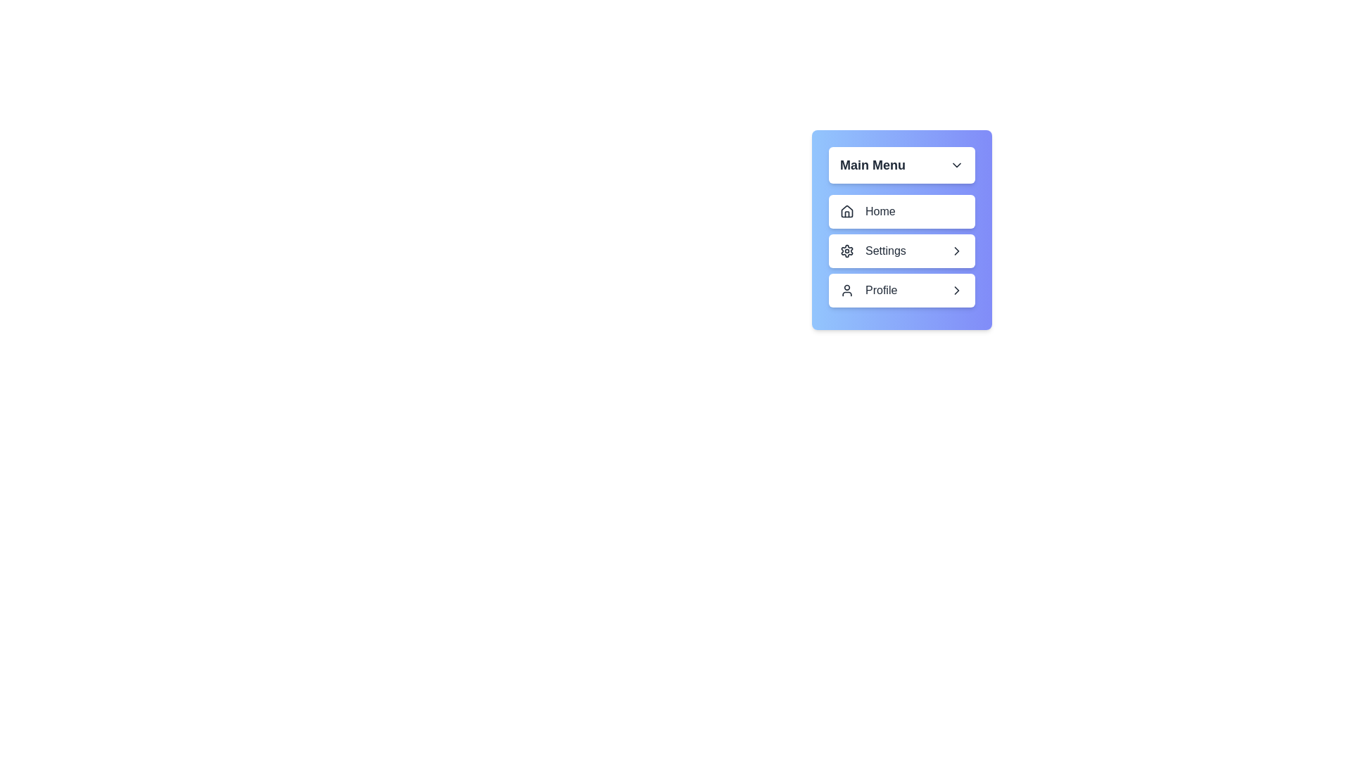  What do you see at coordinates (901, 289) in the screenshot?
I see `the submenu option Edit Profile under the menu item Profile` at bounding box center [901, 289].